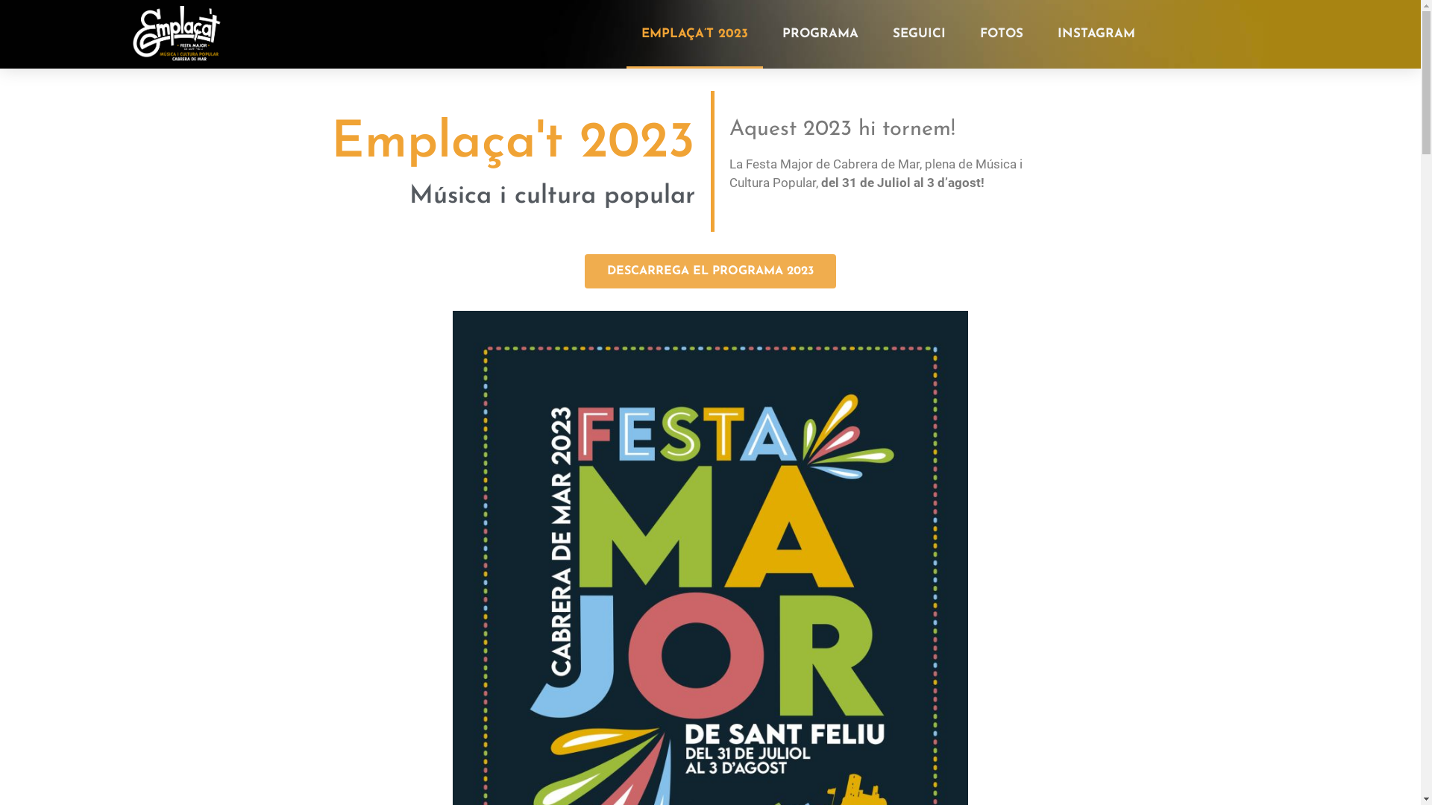 The image size is (1432, 805). Describe the element at coordinates (1096, 34) in the screenshot. I see `'INSTAGRAM'` at that location.